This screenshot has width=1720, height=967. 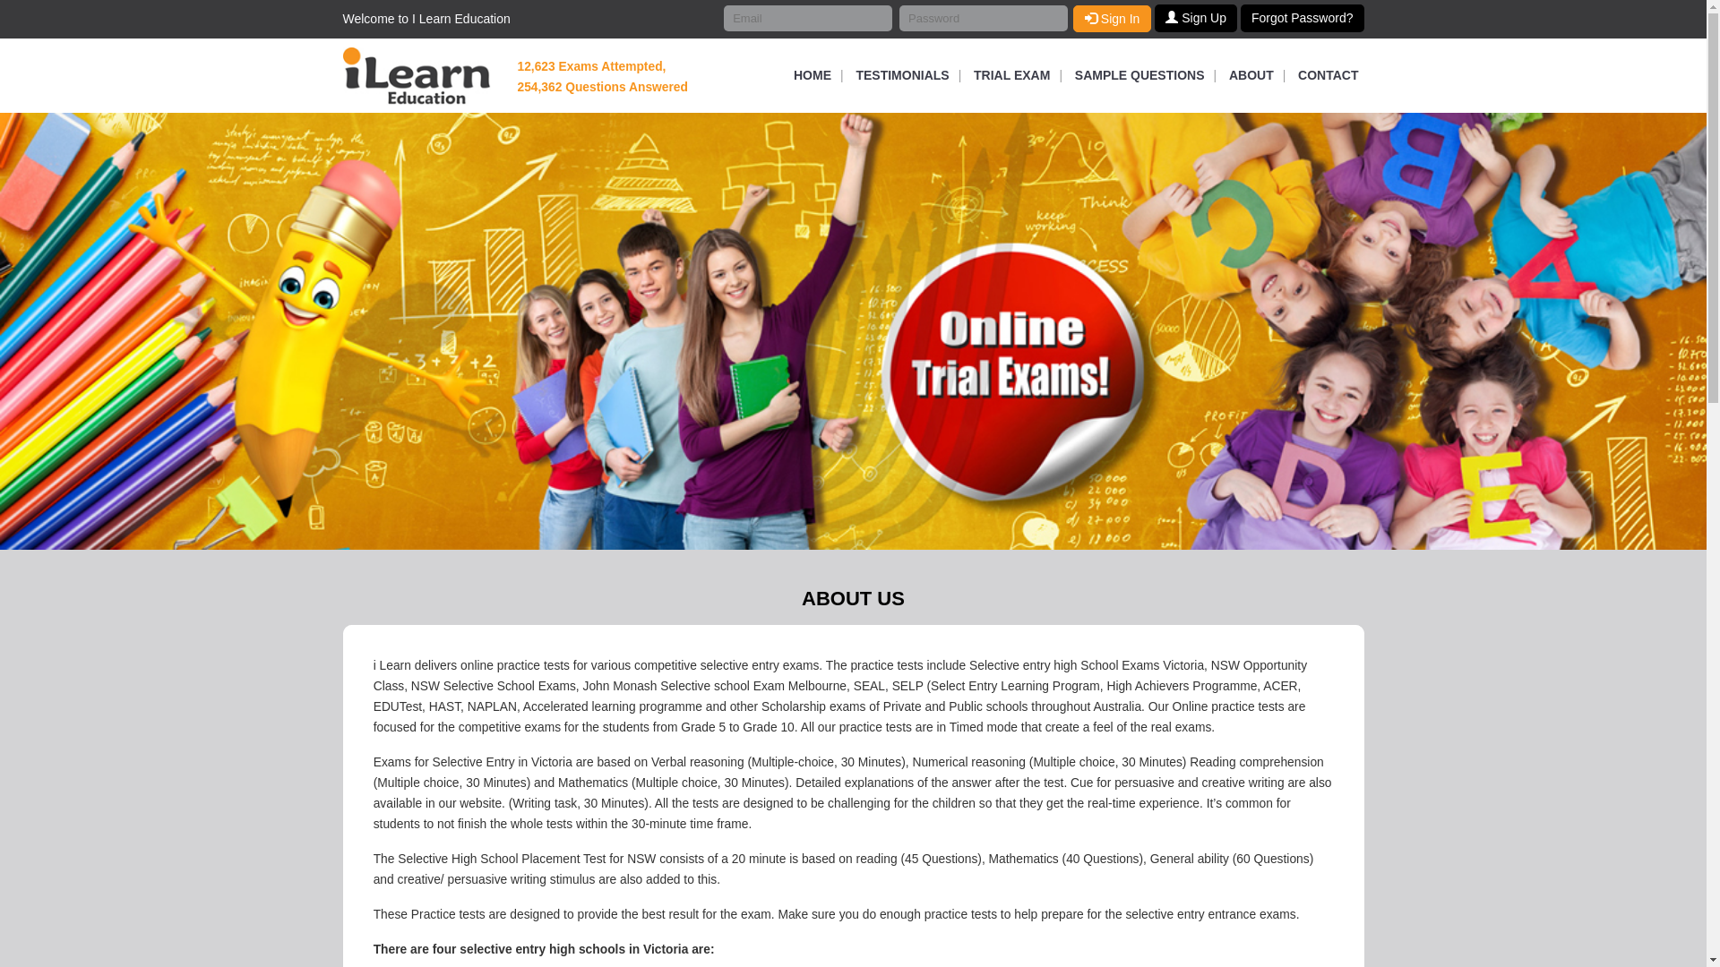 I want to click on 'CONTACT', so click(x=1323, y=74).